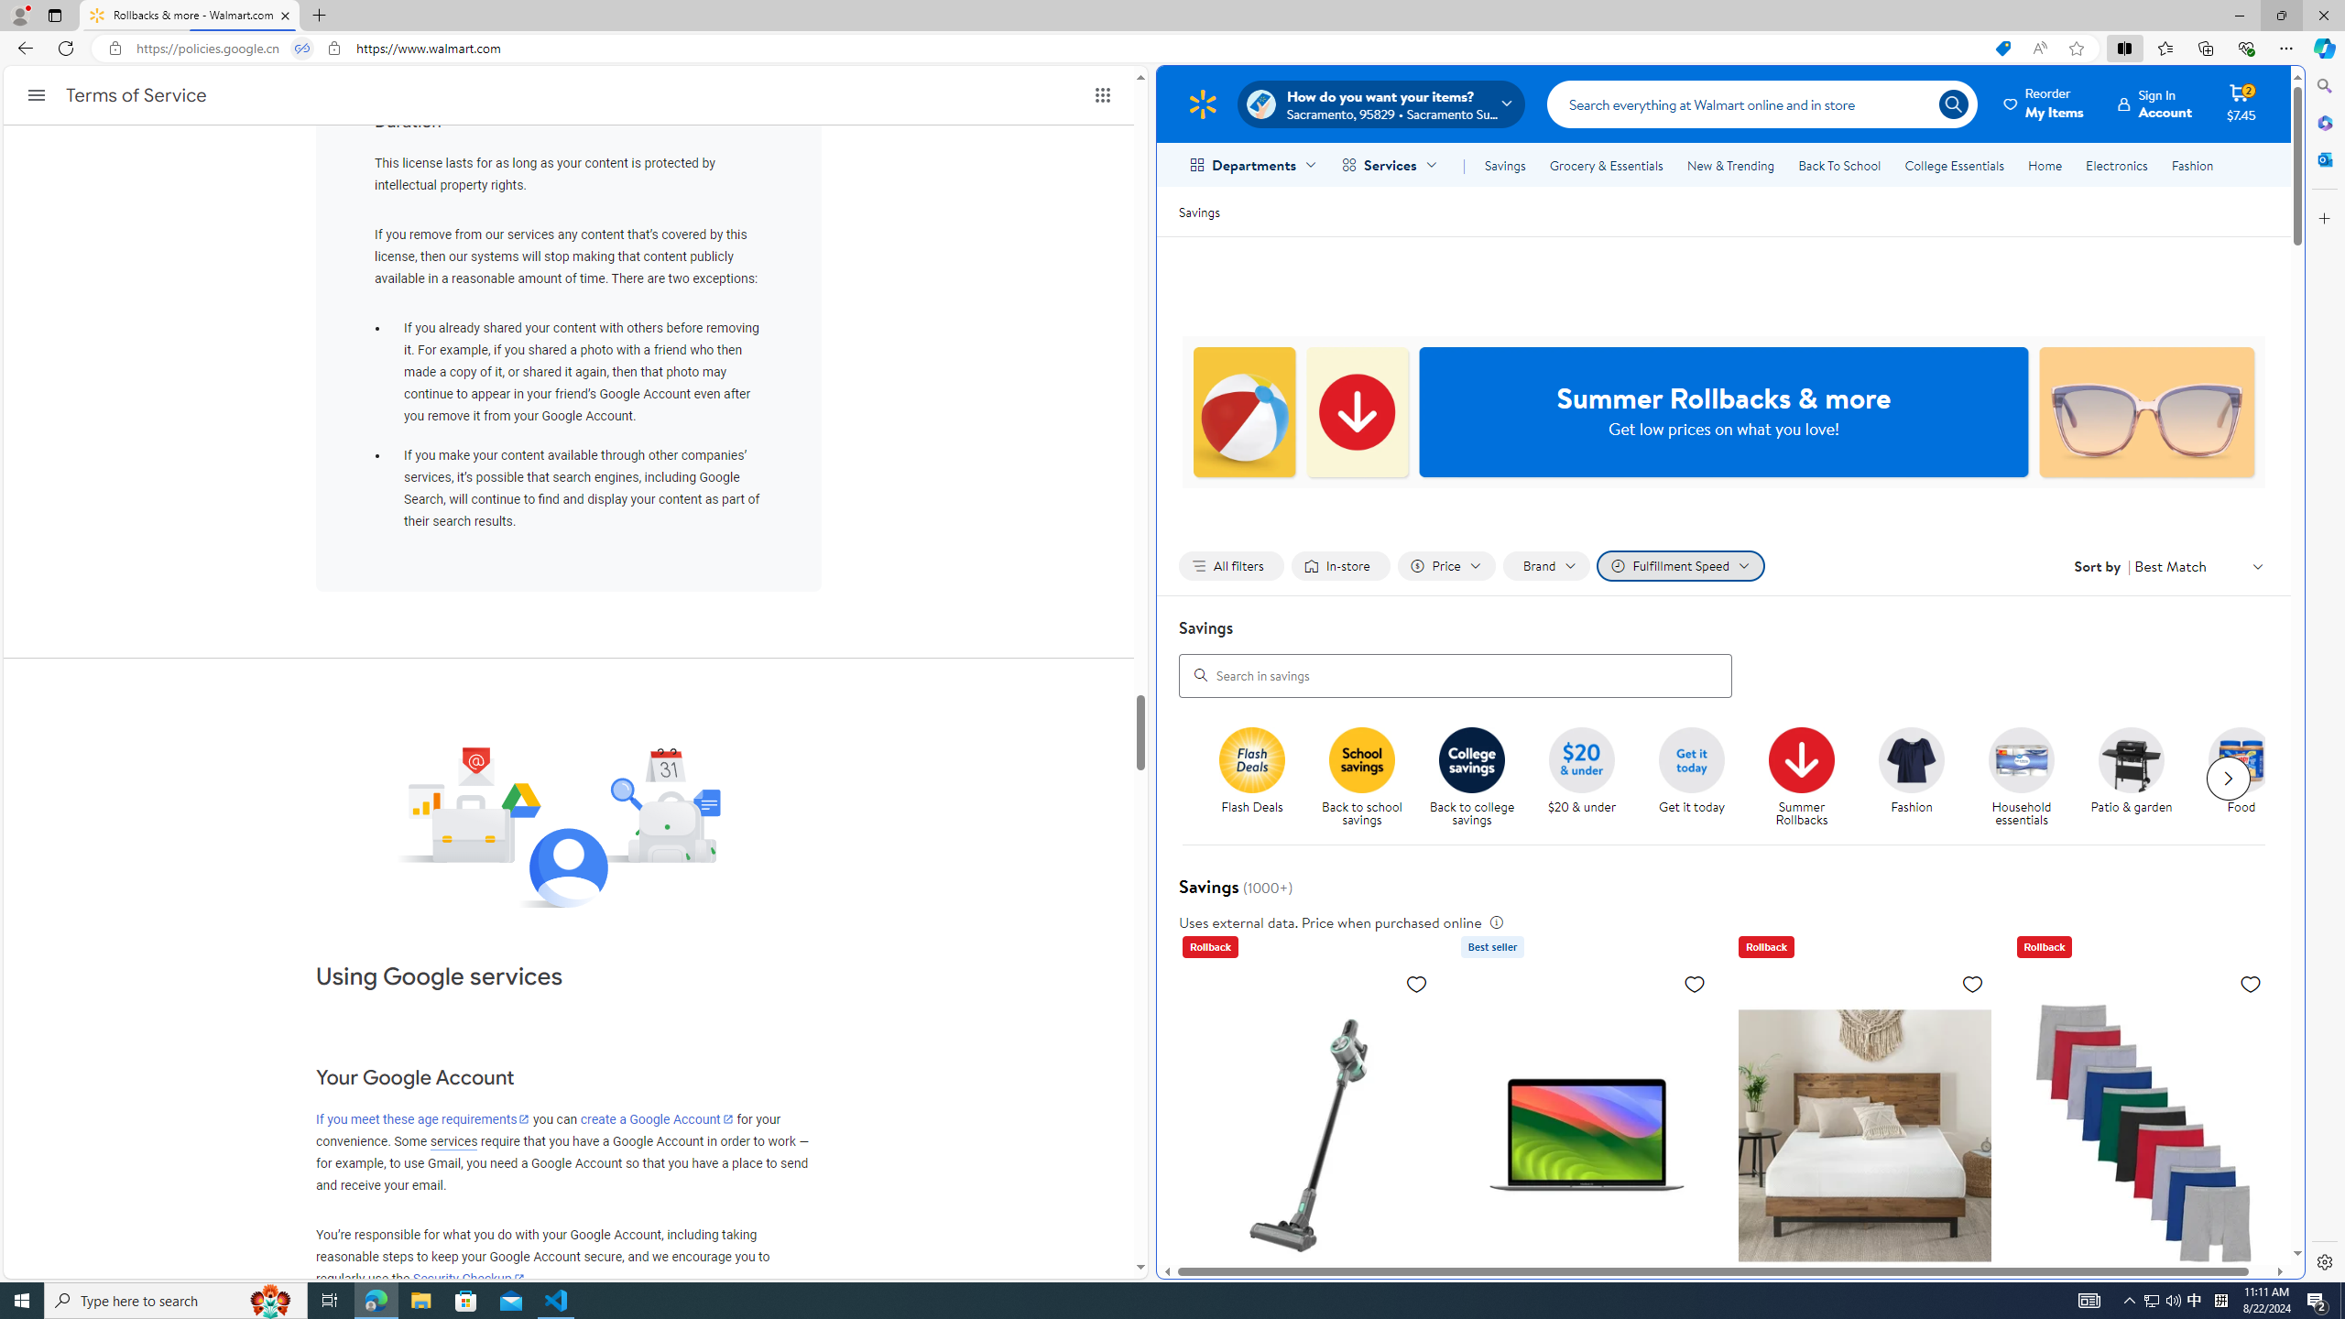  I want to click on 'Summer Rollbacks & more Get low prices on what you love!', so click(1722, 411).